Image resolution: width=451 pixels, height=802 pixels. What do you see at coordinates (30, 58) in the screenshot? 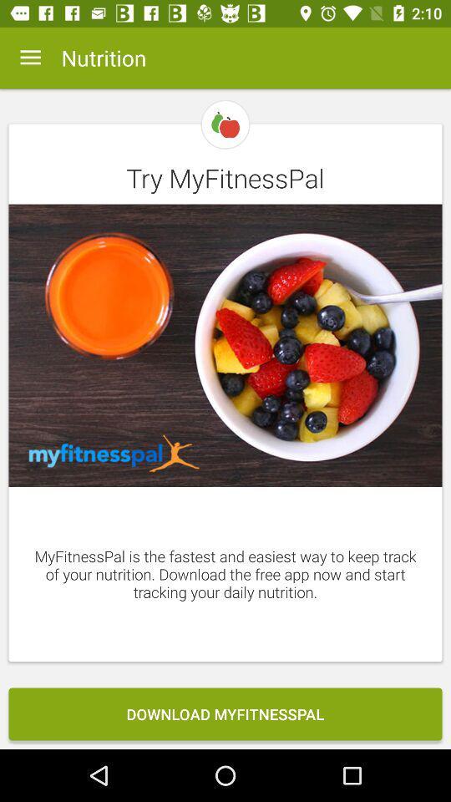
I see `the item next to the nutrition item` at bounding box center [30, 58].